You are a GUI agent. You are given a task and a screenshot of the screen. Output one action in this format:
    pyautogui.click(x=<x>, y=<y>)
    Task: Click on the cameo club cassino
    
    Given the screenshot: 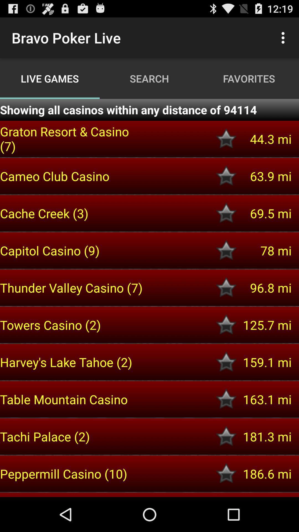 What is the action you would take?
    pyautogui.click(x=226, y=176)
    